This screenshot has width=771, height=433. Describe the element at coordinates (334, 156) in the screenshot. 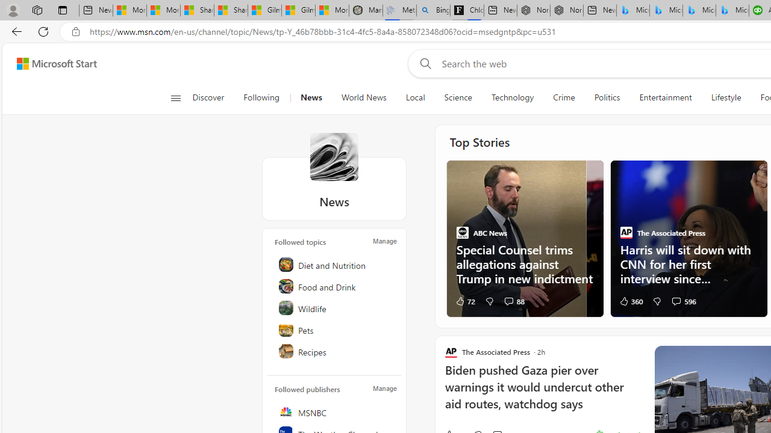

I see `'News'` at that location.